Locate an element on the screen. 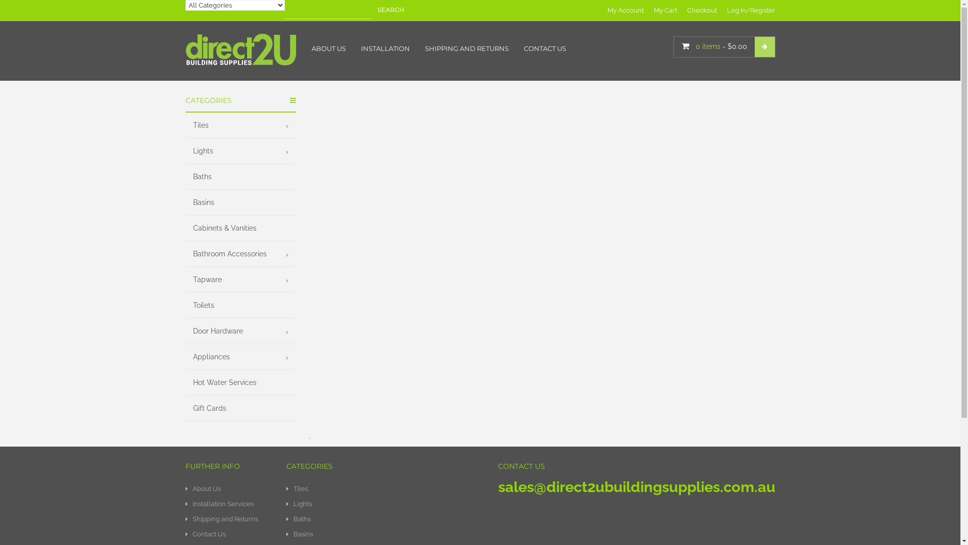 The height and width of the screenshot is (545, 968). 'SEARCH' is located at coordinates (390, 10).